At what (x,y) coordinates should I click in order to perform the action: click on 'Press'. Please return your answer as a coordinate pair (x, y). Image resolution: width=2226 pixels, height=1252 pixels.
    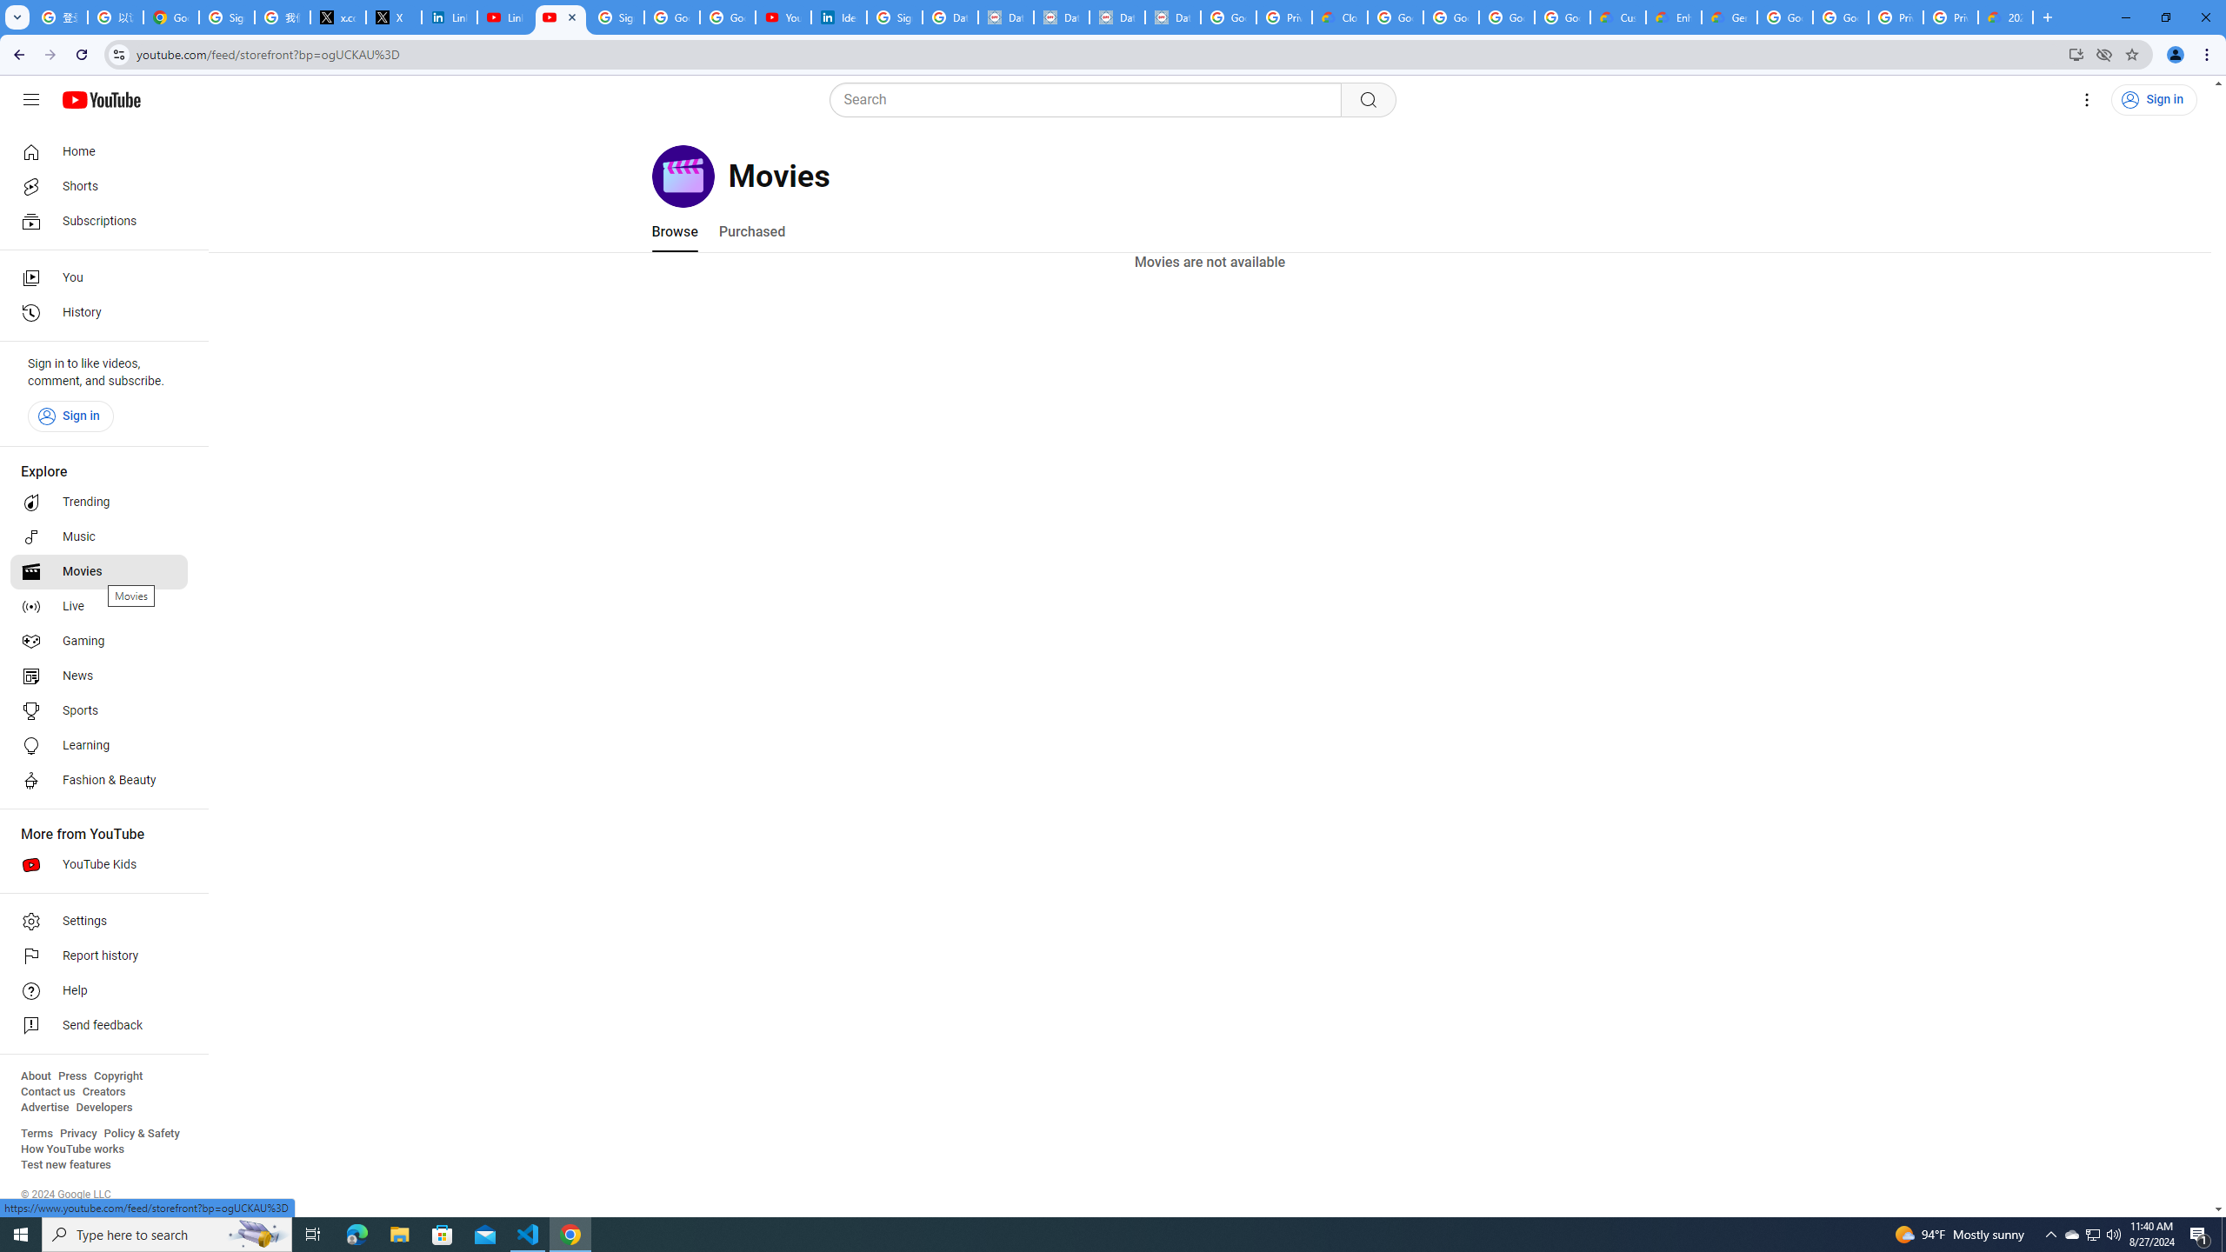
    Looking at the image, I should click on (71, 1076).